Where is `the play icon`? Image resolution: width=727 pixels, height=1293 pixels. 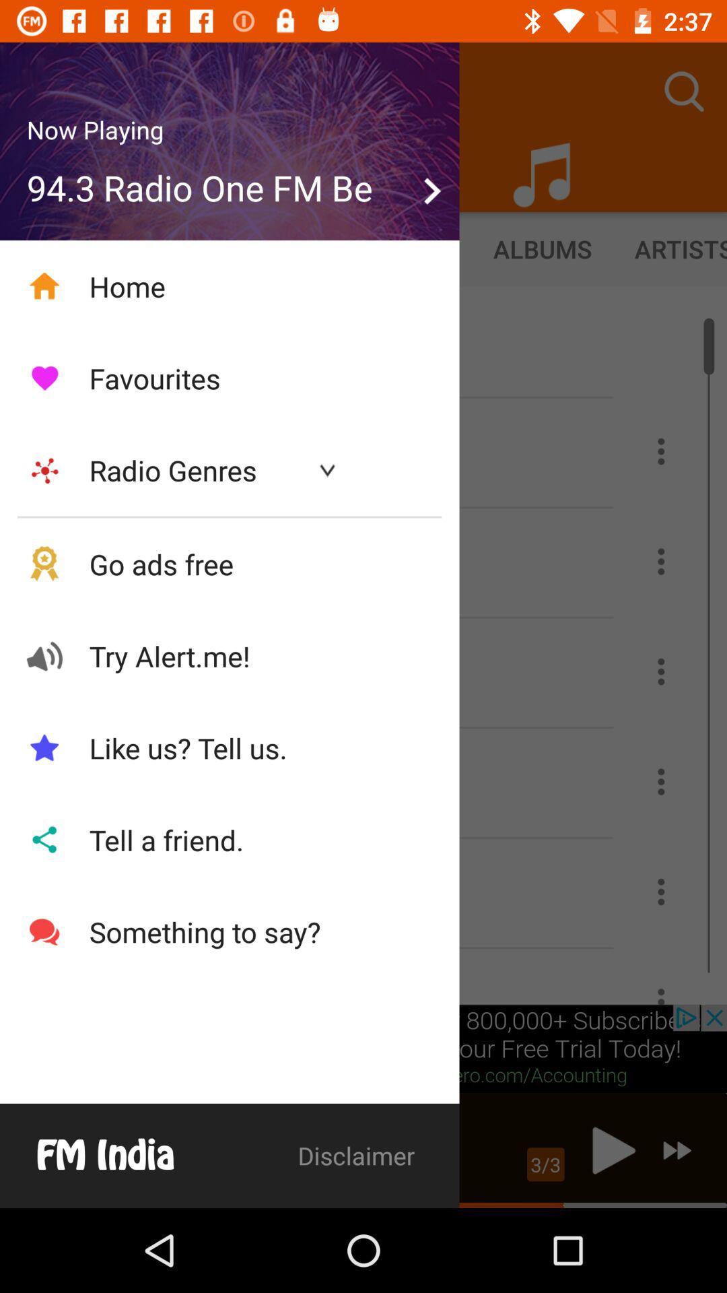 the play icon is located at coordinates (610, 1150).